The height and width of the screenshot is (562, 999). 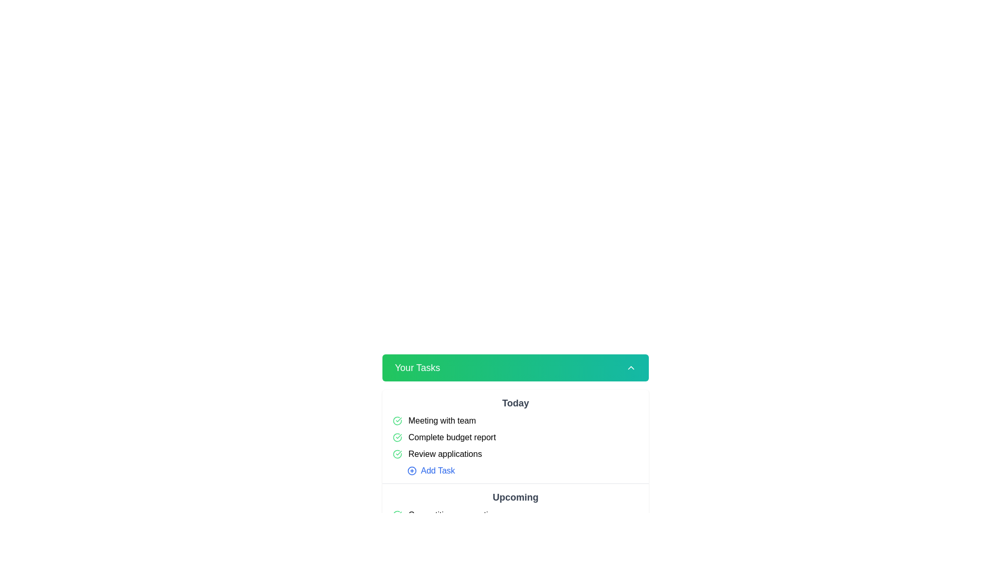 I want to click on the text label that says 'Upcoming', which is styled in bold, large font and is located at the bottom of the 'Today' section, so click(x=515, y=497).